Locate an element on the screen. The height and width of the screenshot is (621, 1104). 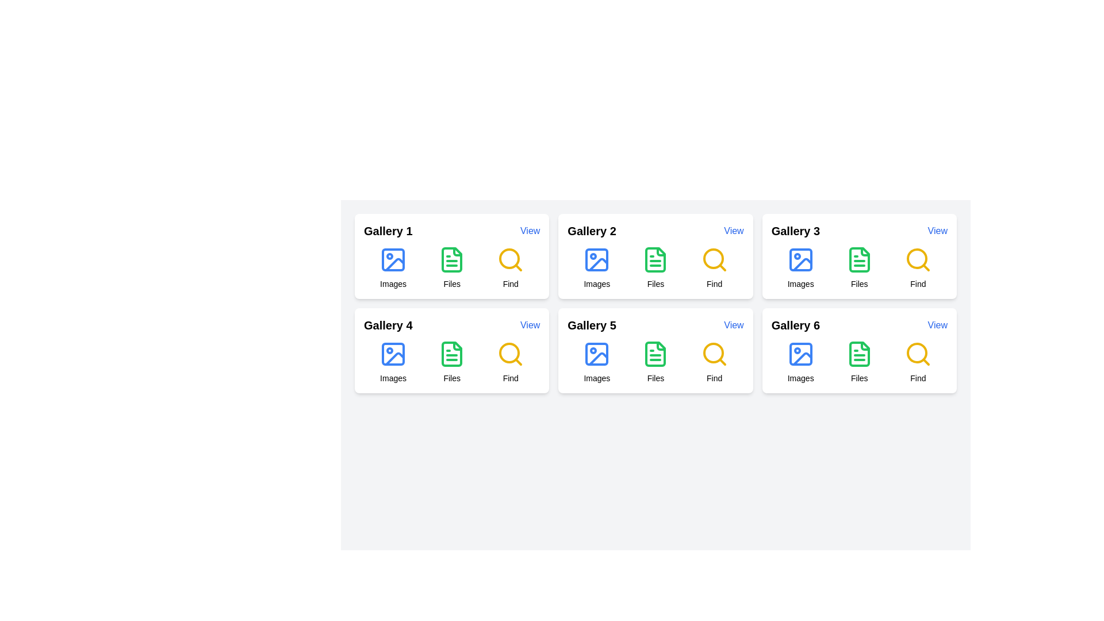
the 'Find' button, which features a yellow magnifying glass icon, to initiate a search is located at coordinates (917, 268).